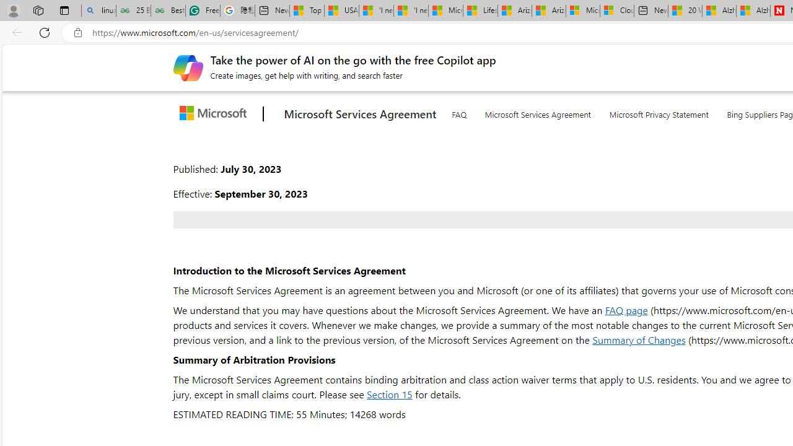 This screenshot has height=446, width=793. Describe the element at coordinates (203, 11) in the screenshot. I see `'Free AI Writing Assistance for Students | Grammarly'` at that location.